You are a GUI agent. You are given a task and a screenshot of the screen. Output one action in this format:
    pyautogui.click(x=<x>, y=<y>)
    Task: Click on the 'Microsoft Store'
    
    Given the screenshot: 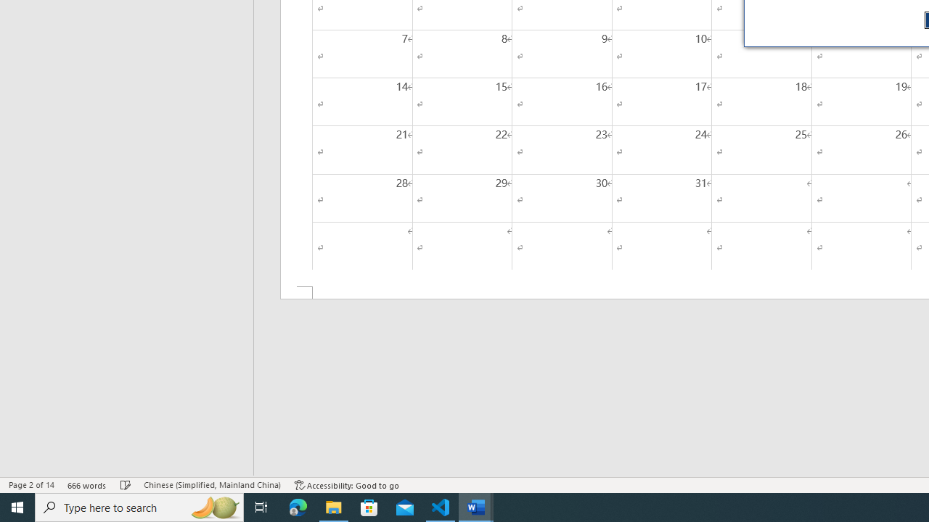 What is the action you would take?
    pyautogui.click(x=369, y=506)
    